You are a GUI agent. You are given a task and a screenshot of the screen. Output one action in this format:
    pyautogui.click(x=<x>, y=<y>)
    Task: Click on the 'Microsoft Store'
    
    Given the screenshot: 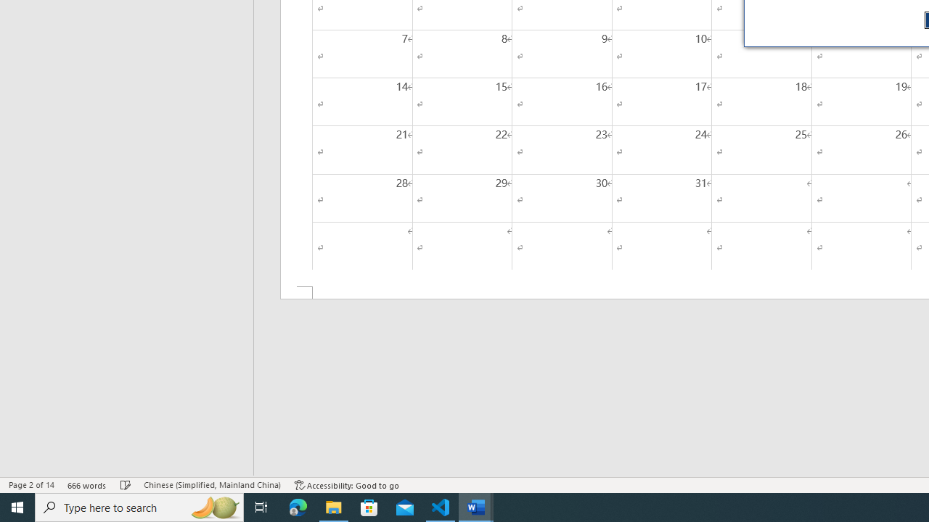 What is the action you would take?
    pyautogui.click(x=369, y=506)
    